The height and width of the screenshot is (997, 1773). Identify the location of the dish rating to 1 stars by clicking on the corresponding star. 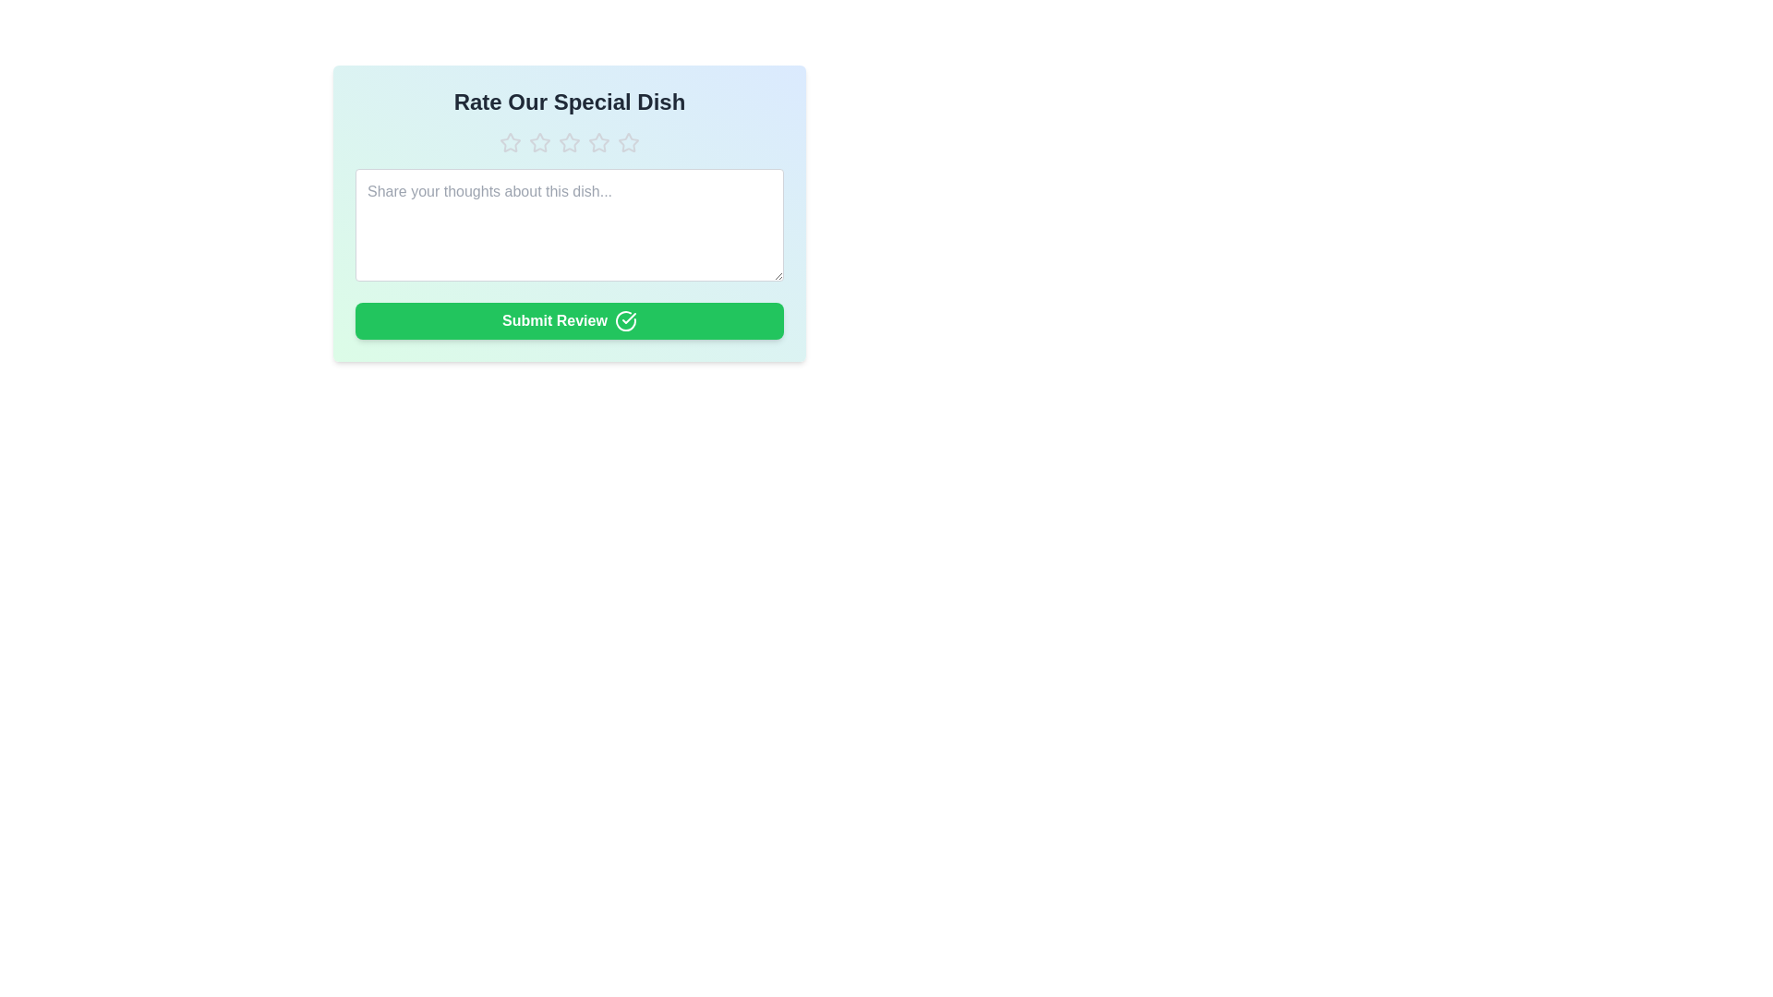
(510, 141).